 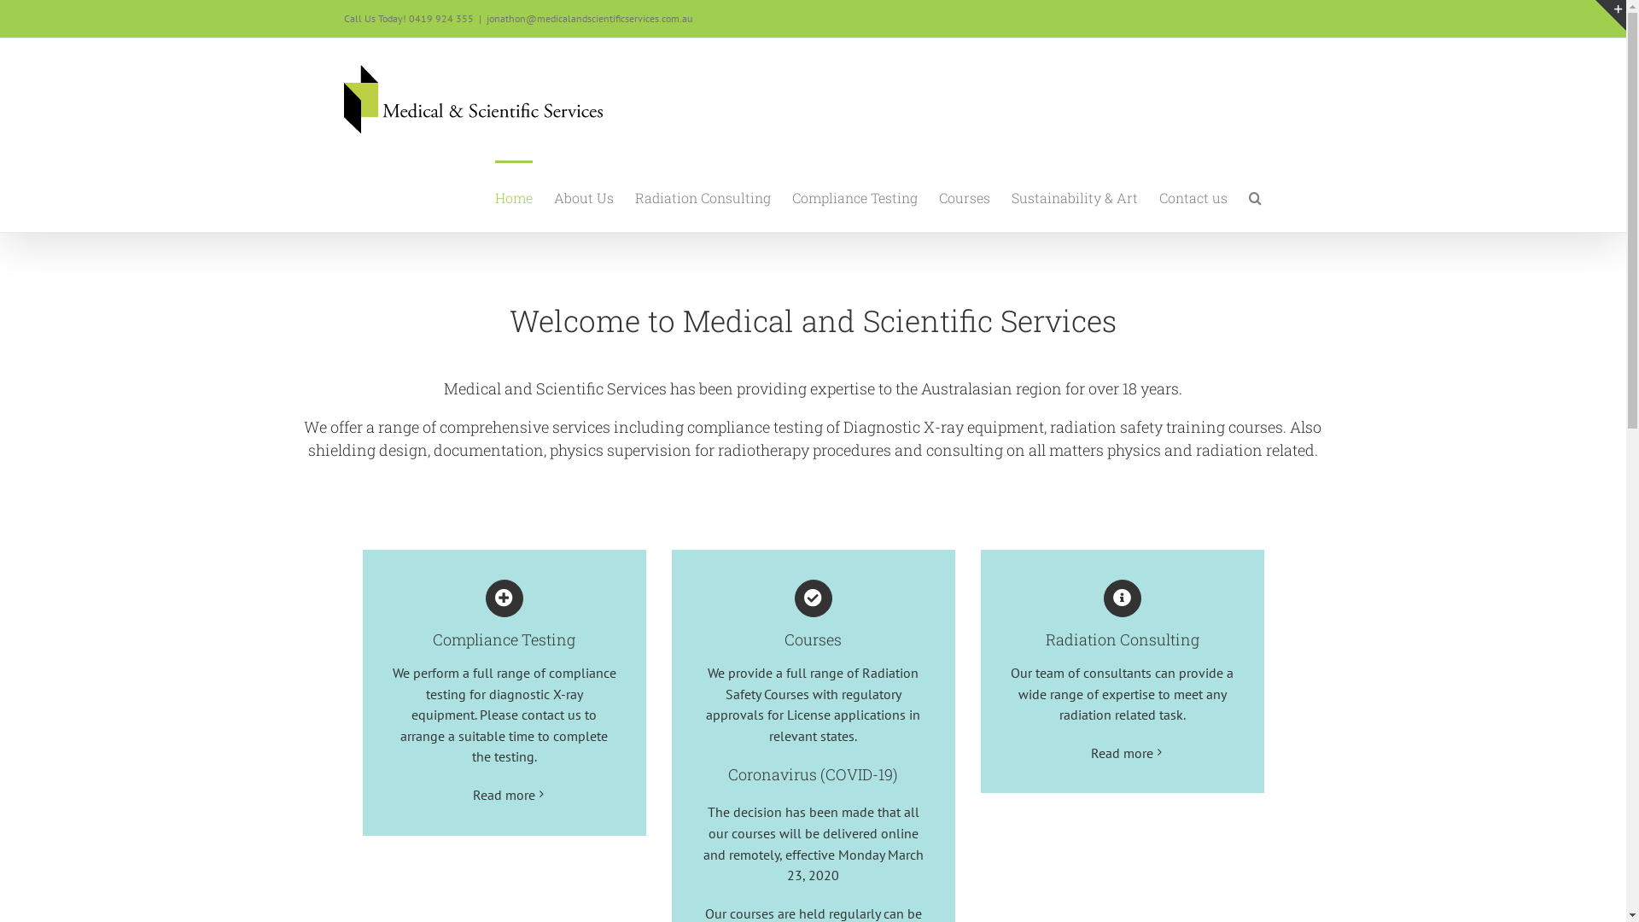 What do you see at coordinates (1072, 195) in the screenshot?
I see `'Sustainability & Art'` at bounding box center [1072, 195].